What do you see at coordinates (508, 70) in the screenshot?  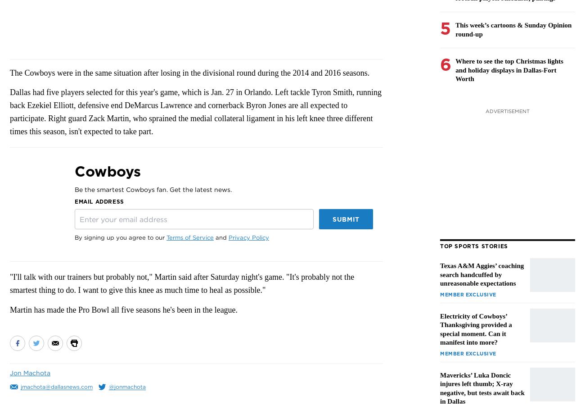 I see `'Where to see the top Christmas lights and holiday displays in Dallas-Fort Worth'` at bounding box center [508, 70].